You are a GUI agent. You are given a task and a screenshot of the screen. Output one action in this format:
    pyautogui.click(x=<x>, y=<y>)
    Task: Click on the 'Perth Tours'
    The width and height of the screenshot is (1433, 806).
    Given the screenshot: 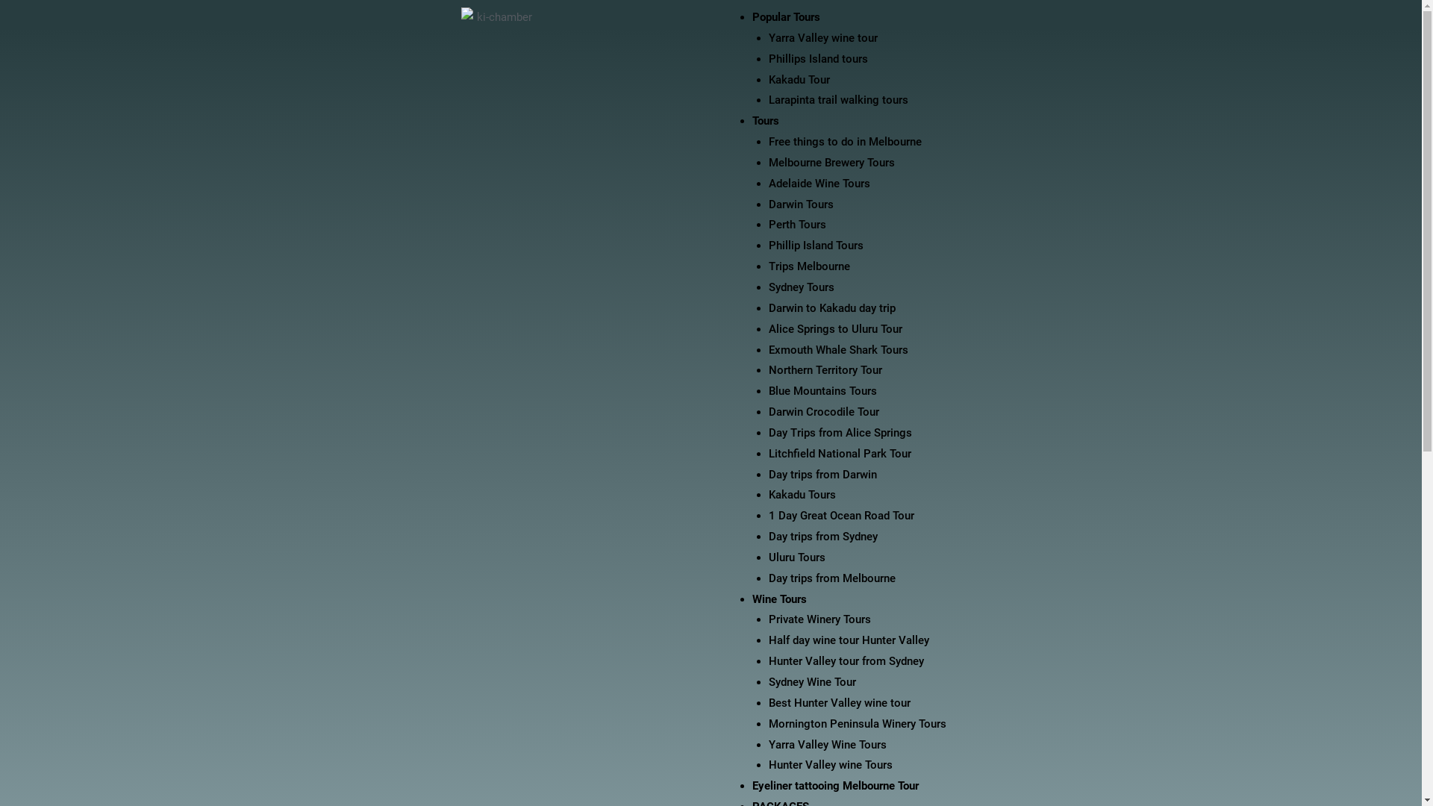 What is the action you would take?
    pyautogui.click(x=796, y=224)
    